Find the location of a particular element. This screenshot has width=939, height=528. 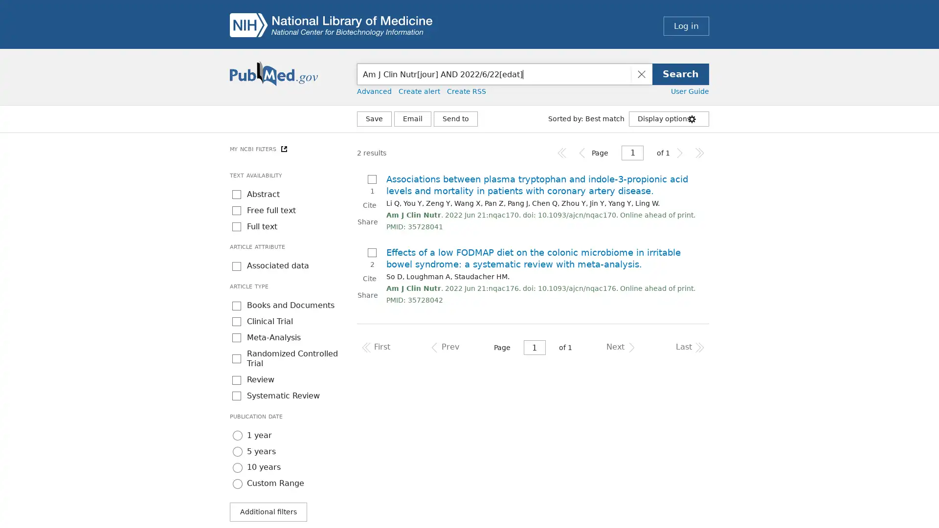

Display options is located at coordinates (669, 118).